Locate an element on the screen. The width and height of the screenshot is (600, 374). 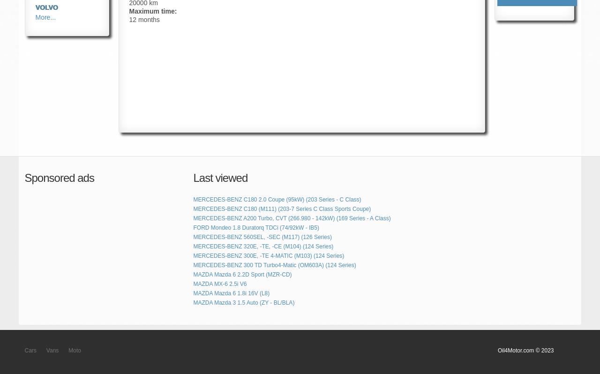
'MERCEDES-BENZ A200 Turbo, CVT (266.980 - 142kW) (169 Series - A Class)' is located at coordinates (291, 218).